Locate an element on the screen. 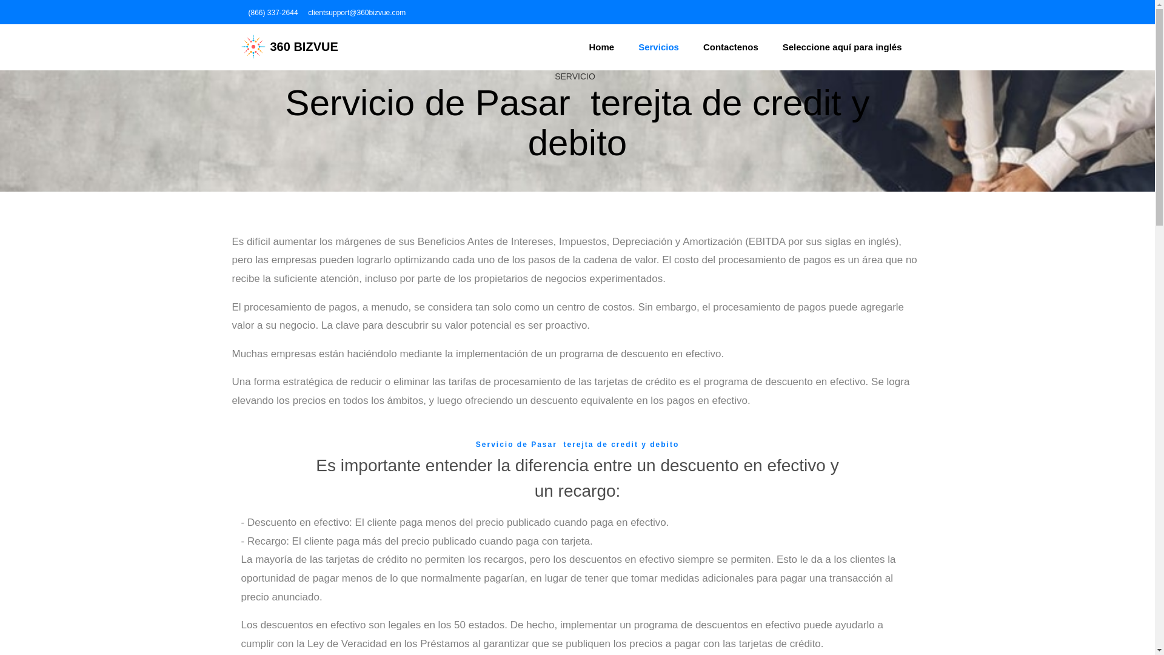 The height and width of the screenshot is (655, 1164). '360 BIZVUE' is located at coordinates (289, 46).